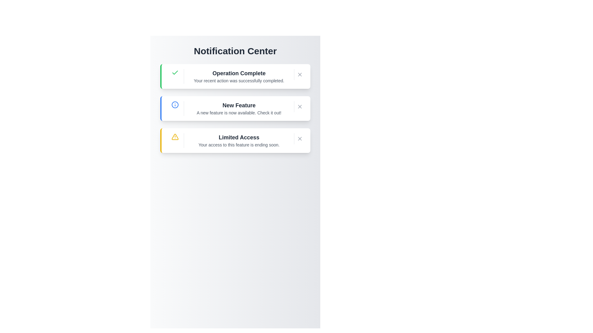  What do you see at coordinates (238, 145) in the screenshot?
I see `the warning message about limited availability in the Notification Center, positioned below 'Limited Access'` at bounding box center [238, 145].